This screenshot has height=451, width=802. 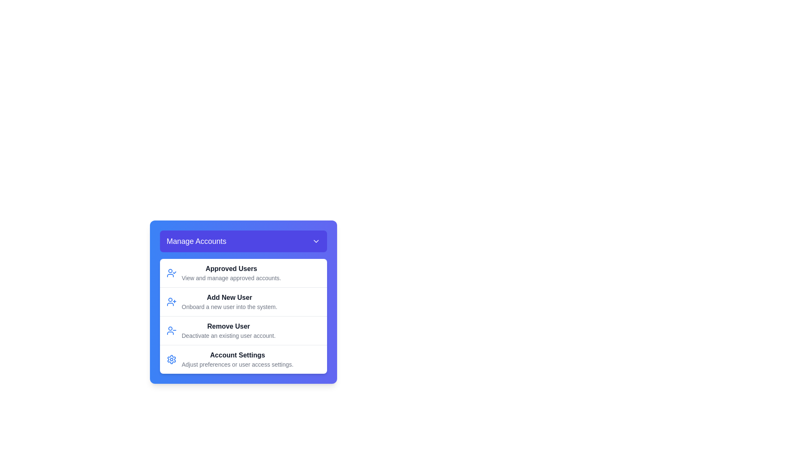 What do you see at coordinates (316, 241) in the screenshot?
I see `the downward-facing chevron icon located at the far right side of the 'Manage Accounts' header` at bounding box center [316, 241].